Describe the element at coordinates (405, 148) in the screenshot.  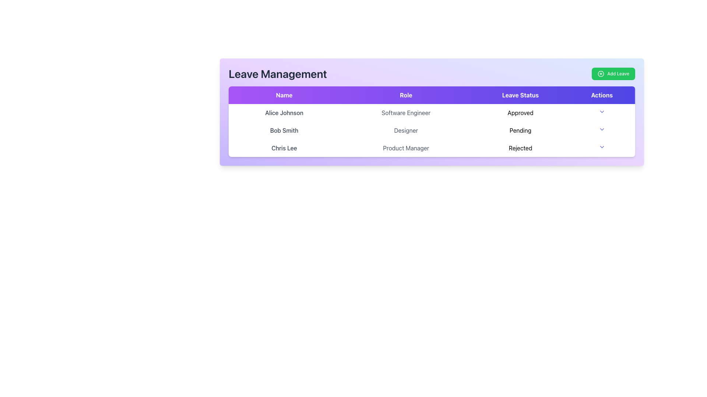
I see `the Text Label displaying 'Product Manager' located in the third row under the 'Role' column of the table associated with 'Chris Lee'` at that location.